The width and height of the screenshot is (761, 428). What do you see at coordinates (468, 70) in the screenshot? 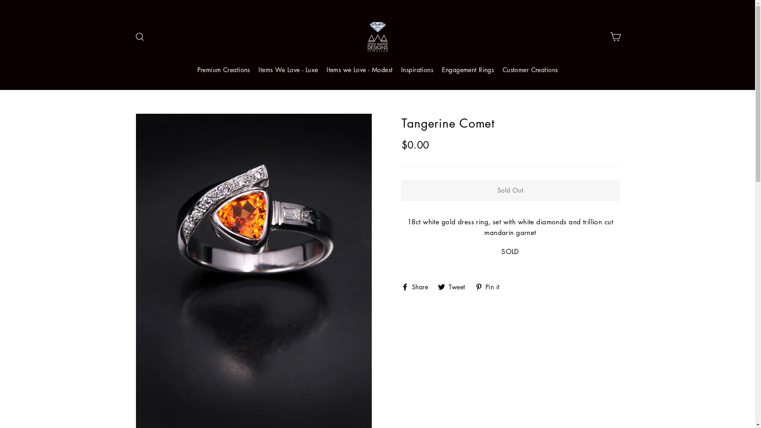
I see `'Engagement Rings'` at bounding box center [468, 70].